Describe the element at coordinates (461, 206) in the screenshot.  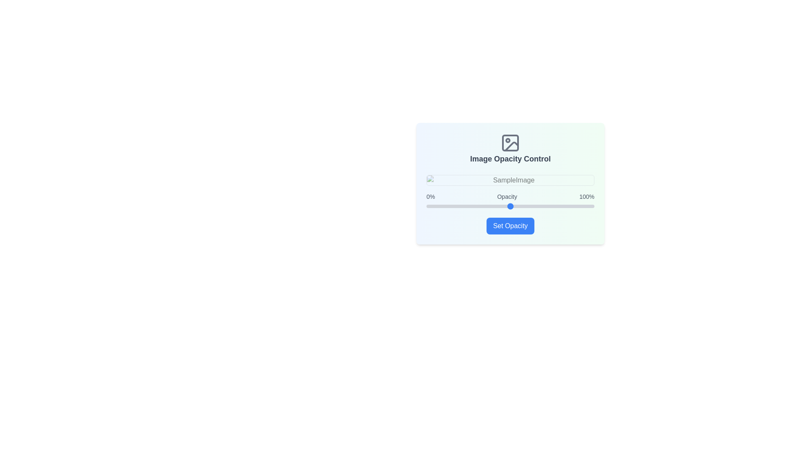
I see `the slider to set the opacity to 21%` at that location.